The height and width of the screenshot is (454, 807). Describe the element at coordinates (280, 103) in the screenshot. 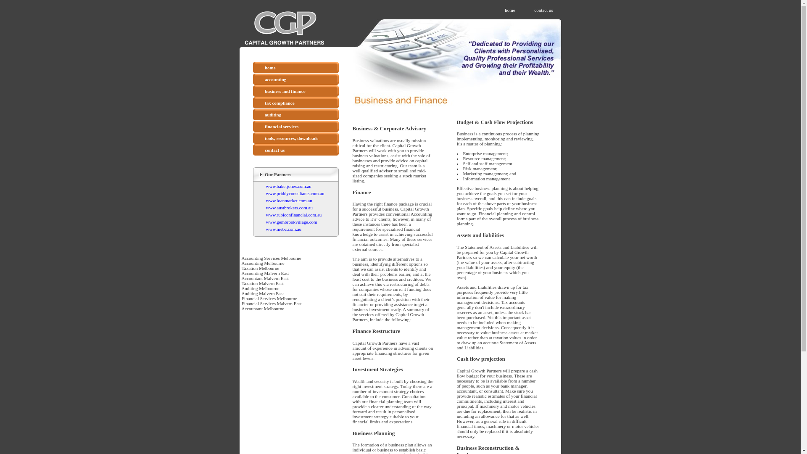

I see `'tax compliance'` at that location.